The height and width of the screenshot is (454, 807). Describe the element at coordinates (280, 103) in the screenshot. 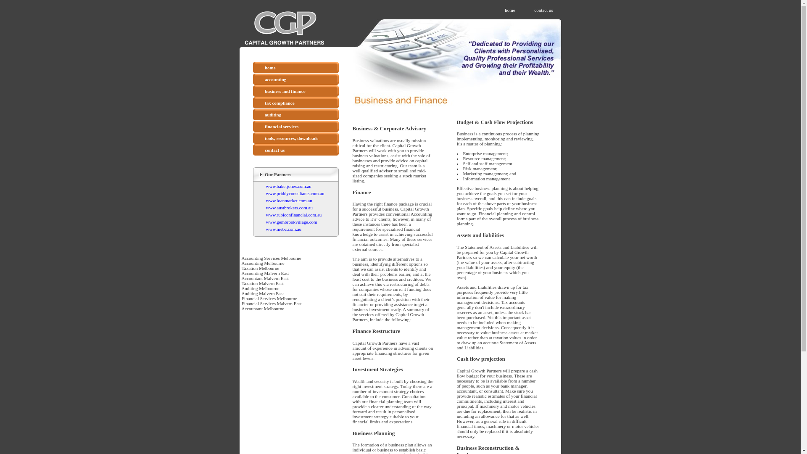

I see `'tax compliance'` at that location.